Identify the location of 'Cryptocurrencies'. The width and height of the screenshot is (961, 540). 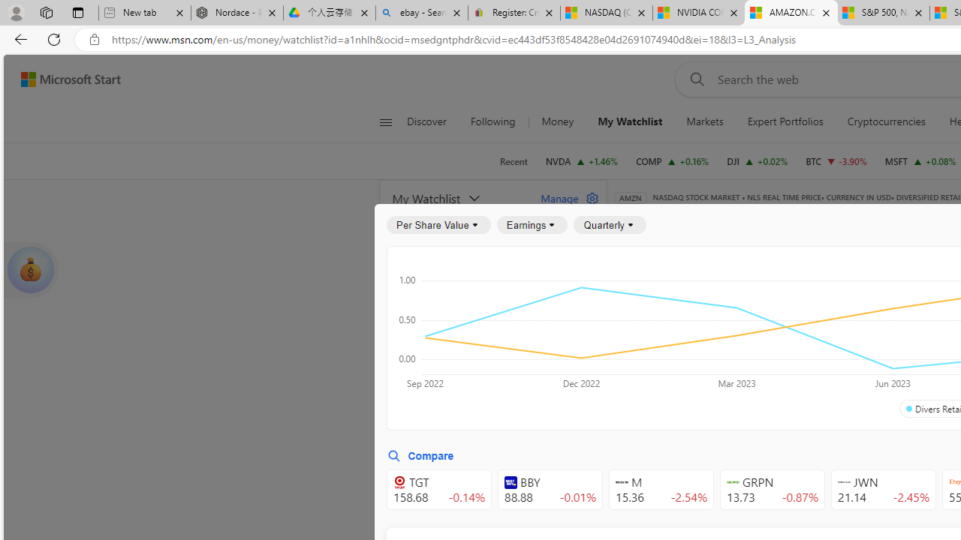
(886, 121).